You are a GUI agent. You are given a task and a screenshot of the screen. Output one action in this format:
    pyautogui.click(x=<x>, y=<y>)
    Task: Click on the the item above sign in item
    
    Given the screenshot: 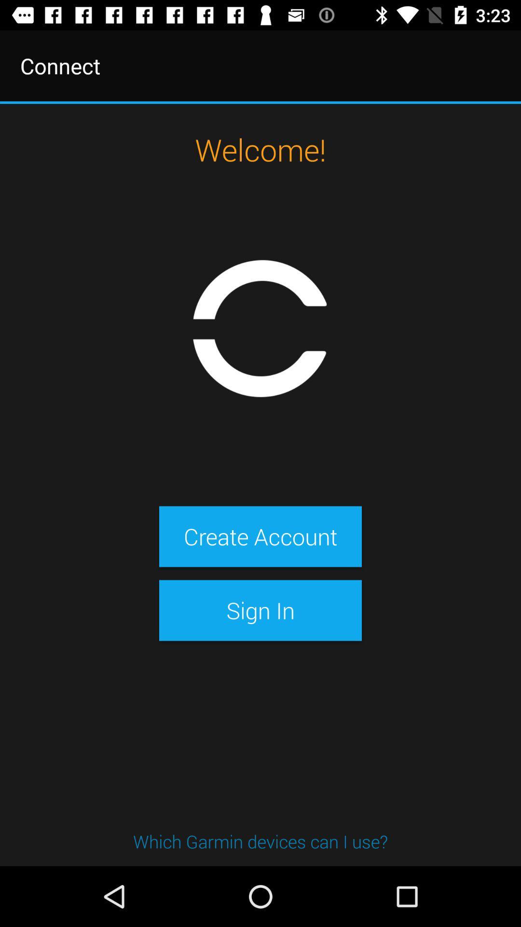 What is the action you would take?
    pyautogui.click(x=260, y=536)
    